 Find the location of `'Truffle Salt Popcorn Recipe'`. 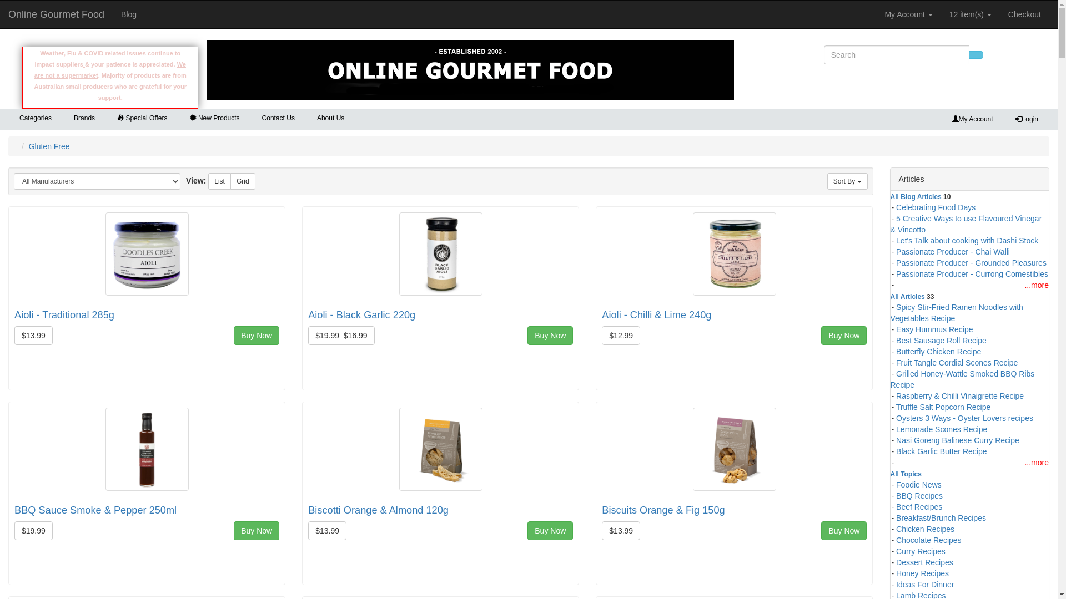

'Truffle Salt Popcorn Recipe' is located at coordinates (943, 406).